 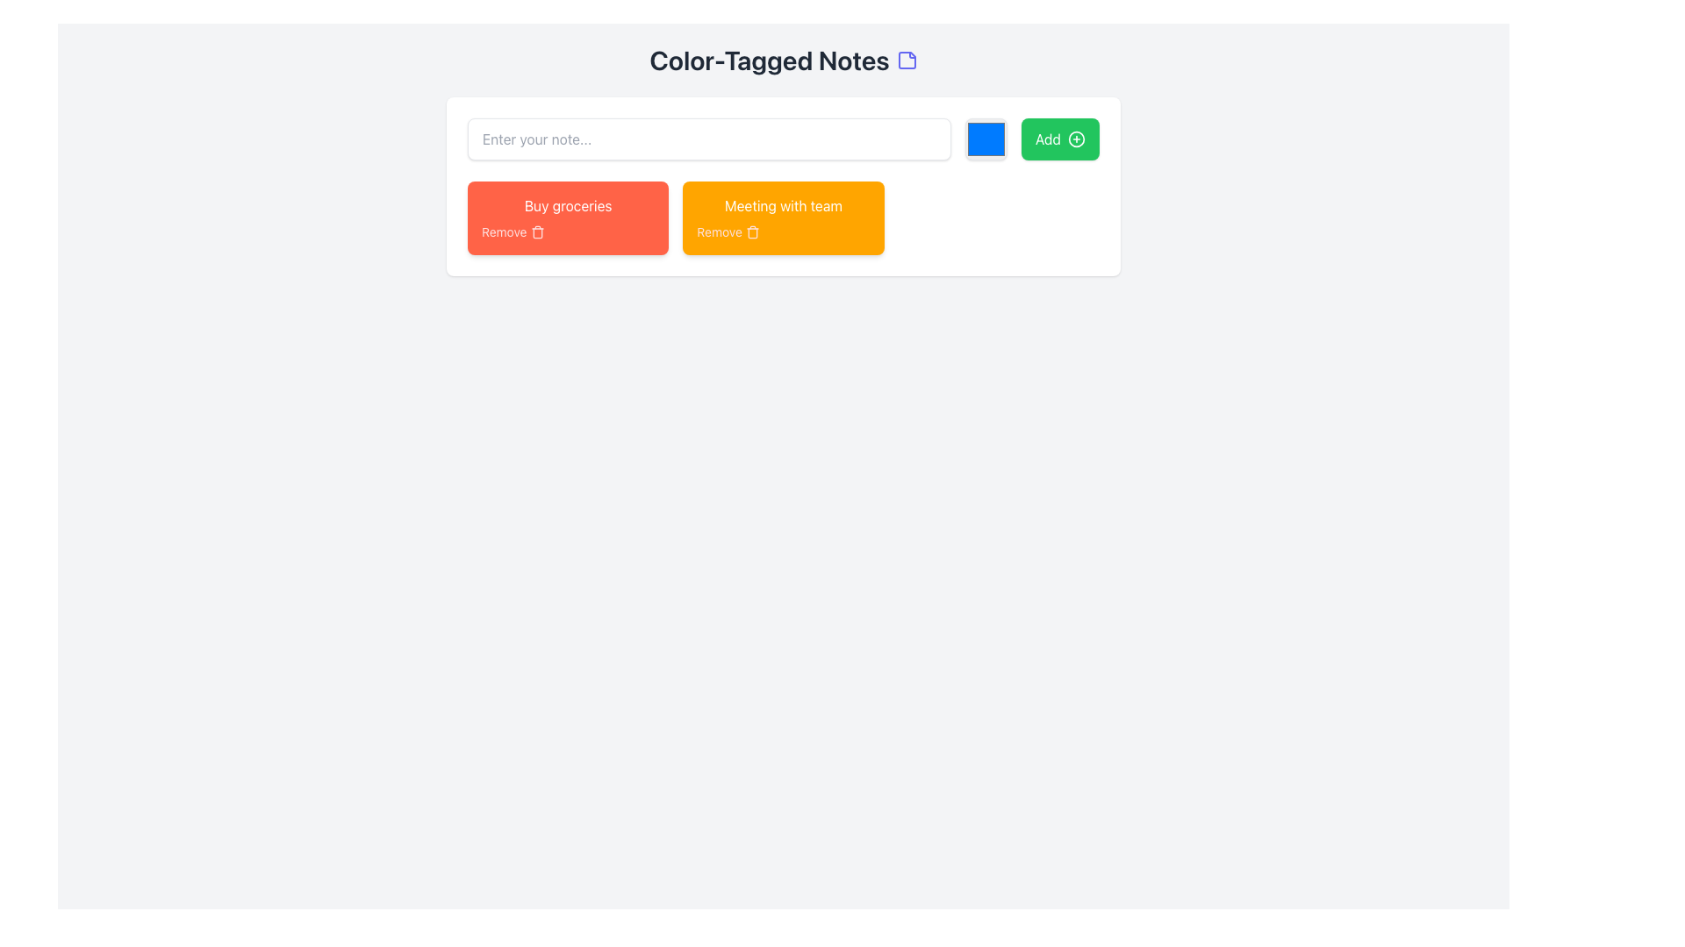 What do you see at coordinates (907, 60) in the screenshot?
I see `the decorative icon in the top-right corner of the 'Color-Tagged Notes' heading, which visually links the section's title to its purpose` at bounding box center [907, 60].